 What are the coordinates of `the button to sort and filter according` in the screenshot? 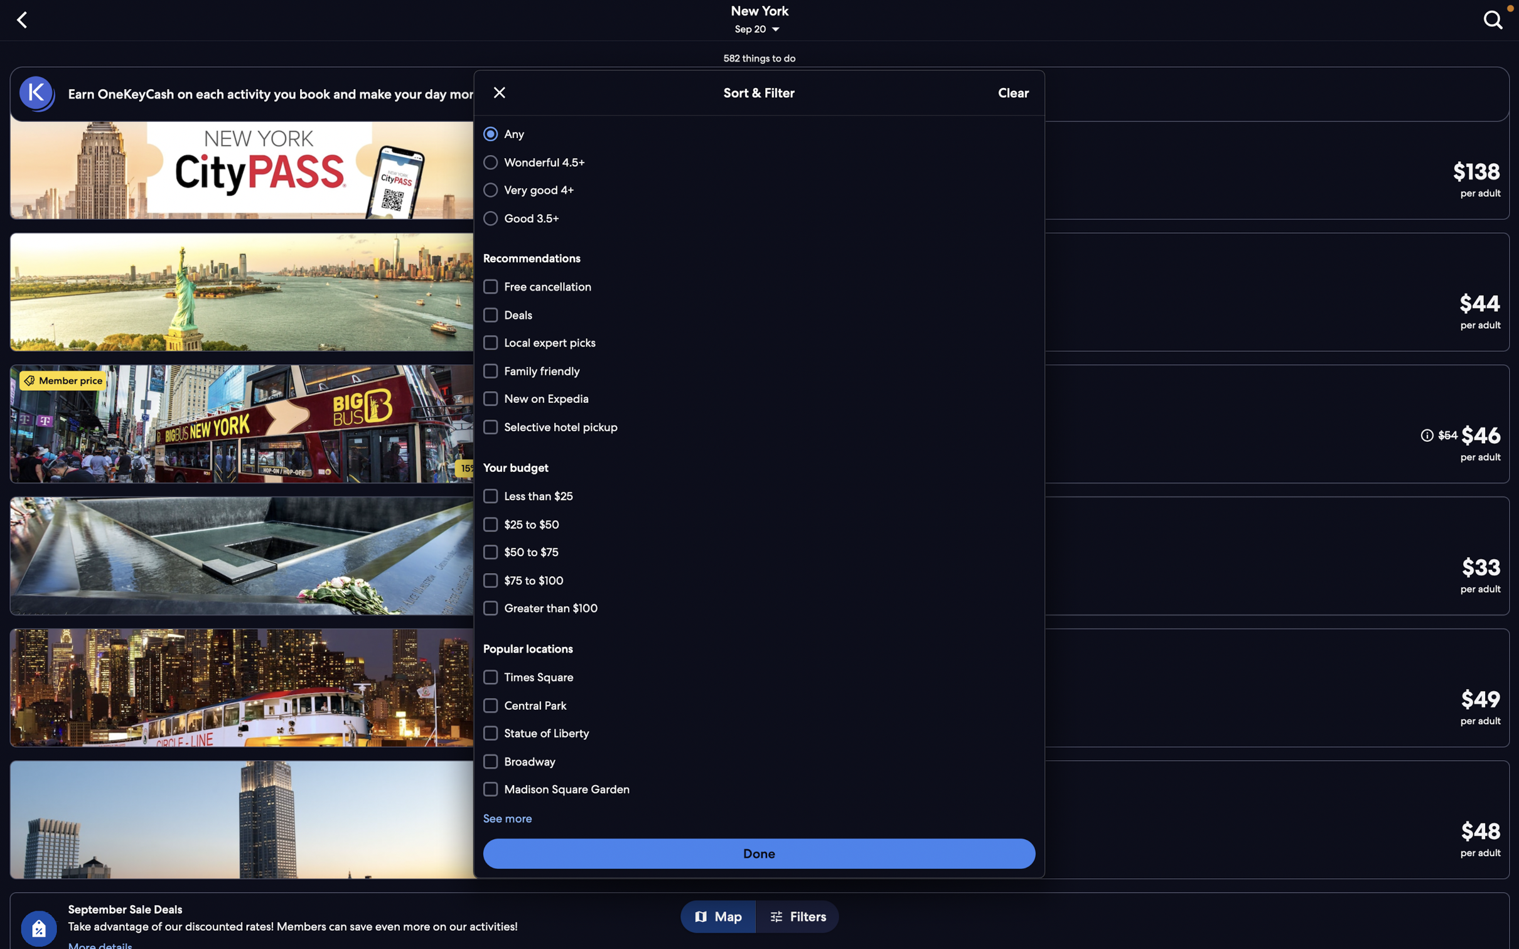 It's located at (759, 852).